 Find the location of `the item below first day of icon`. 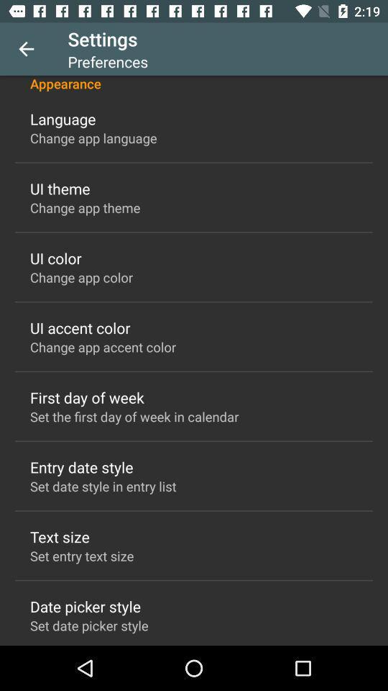

the item below first day of icon is located at coordinates (134, 416).